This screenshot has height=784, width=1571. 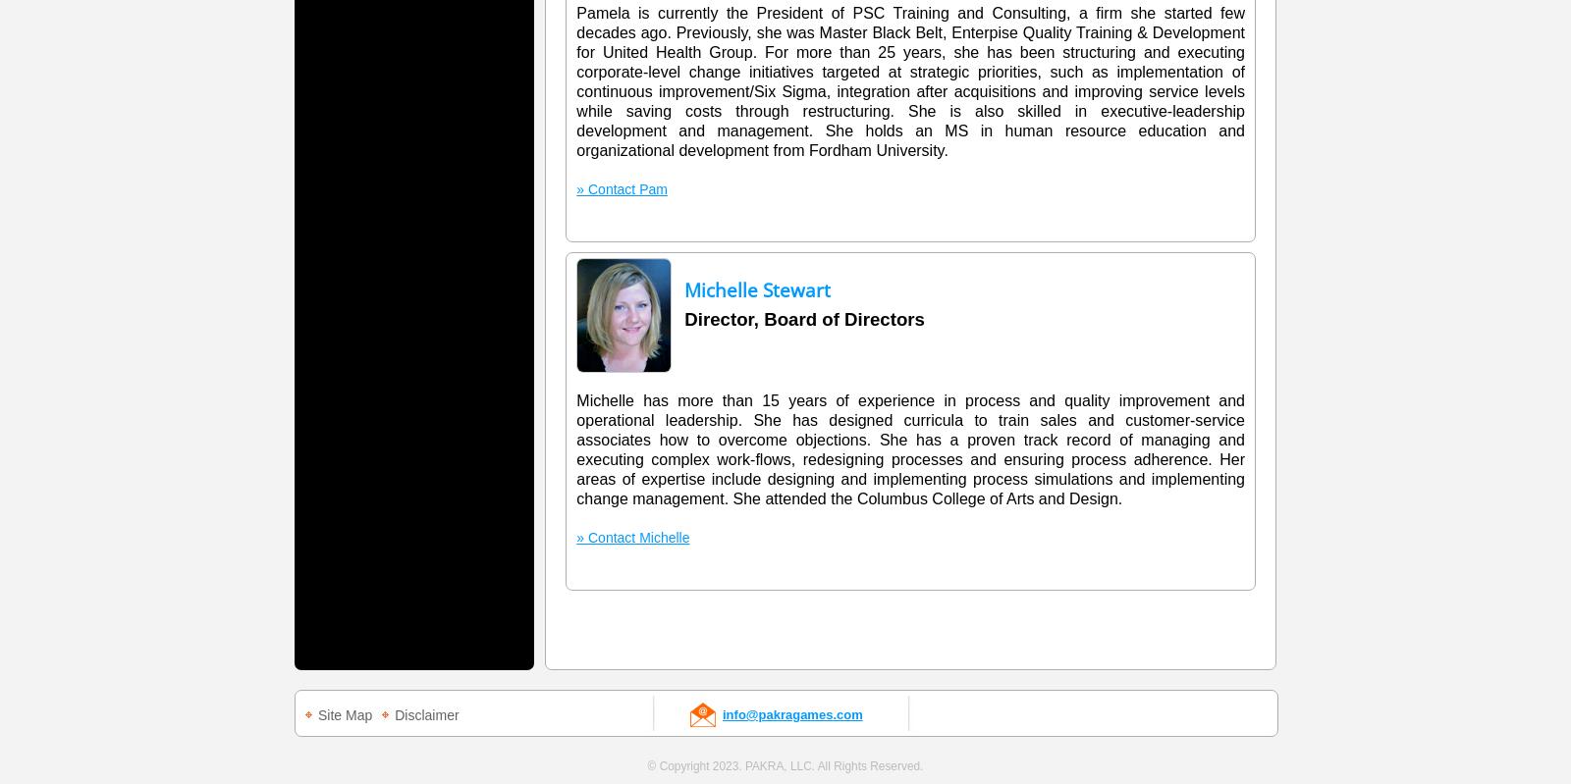 What do you see at coordinates (909, 81) in the screenshot?
I see `'Pamela is currently the President of PSC Training and Consulting, a firm she started few decades ago. Previously, she was Master Black Belt, Enterpise Quality Training & Development for United Health Group. For more than 25 years, she has been structuring and executing corporate-level change initiatives targeted at strategic priorities, such as implementation of continuous improvement/Six Sigma, integration after acquisitions and improving service levels while saving costs through restructuring. She is also skilled in executive-leadership development and management. She holds an MS in human resource education and organizational development from Fordham University.'` at bounding box center [909, 81].